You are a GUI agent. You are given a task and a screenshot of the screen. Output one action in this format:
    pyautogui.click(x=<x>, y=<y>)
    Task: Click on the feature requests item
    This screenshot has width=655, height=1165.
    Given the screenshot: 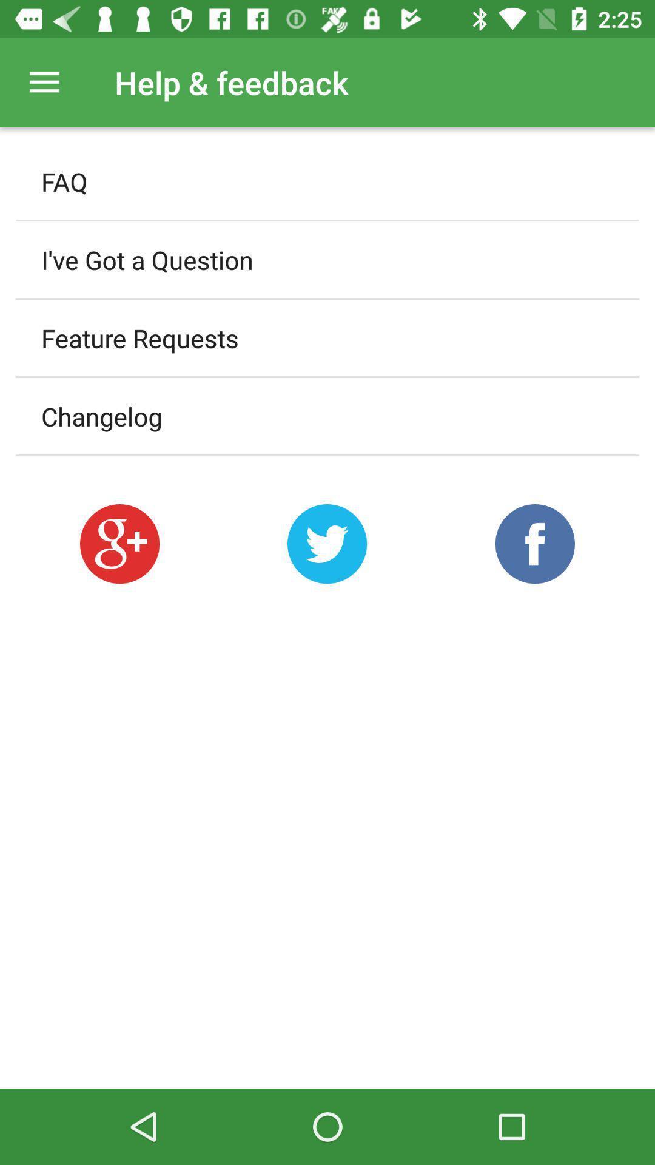 What is the action you would take?
    pyautogui.click(x=327, y=338)
    